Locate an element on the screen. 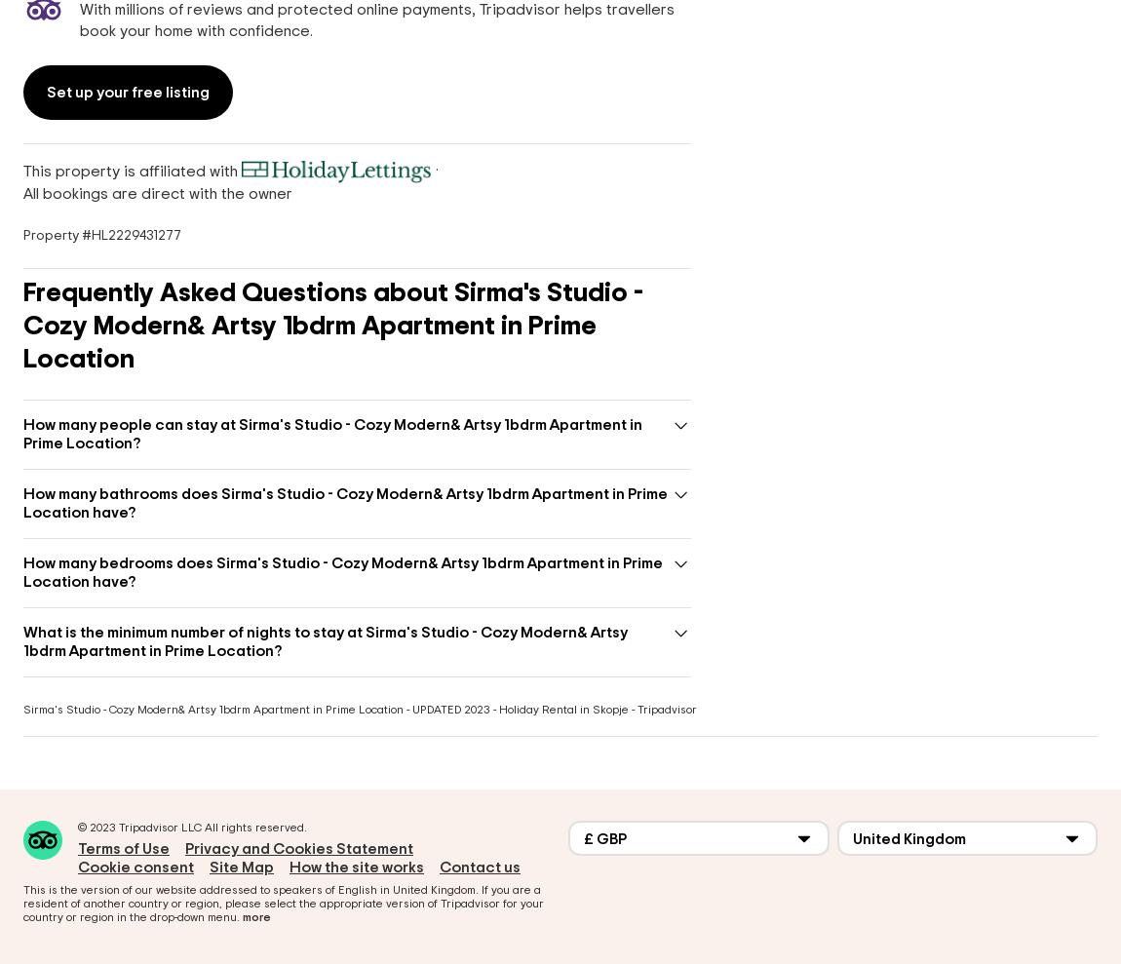 The image size is (1121, 964). 'Frequently Asked Questions about' is located at coordinates (237, 292).